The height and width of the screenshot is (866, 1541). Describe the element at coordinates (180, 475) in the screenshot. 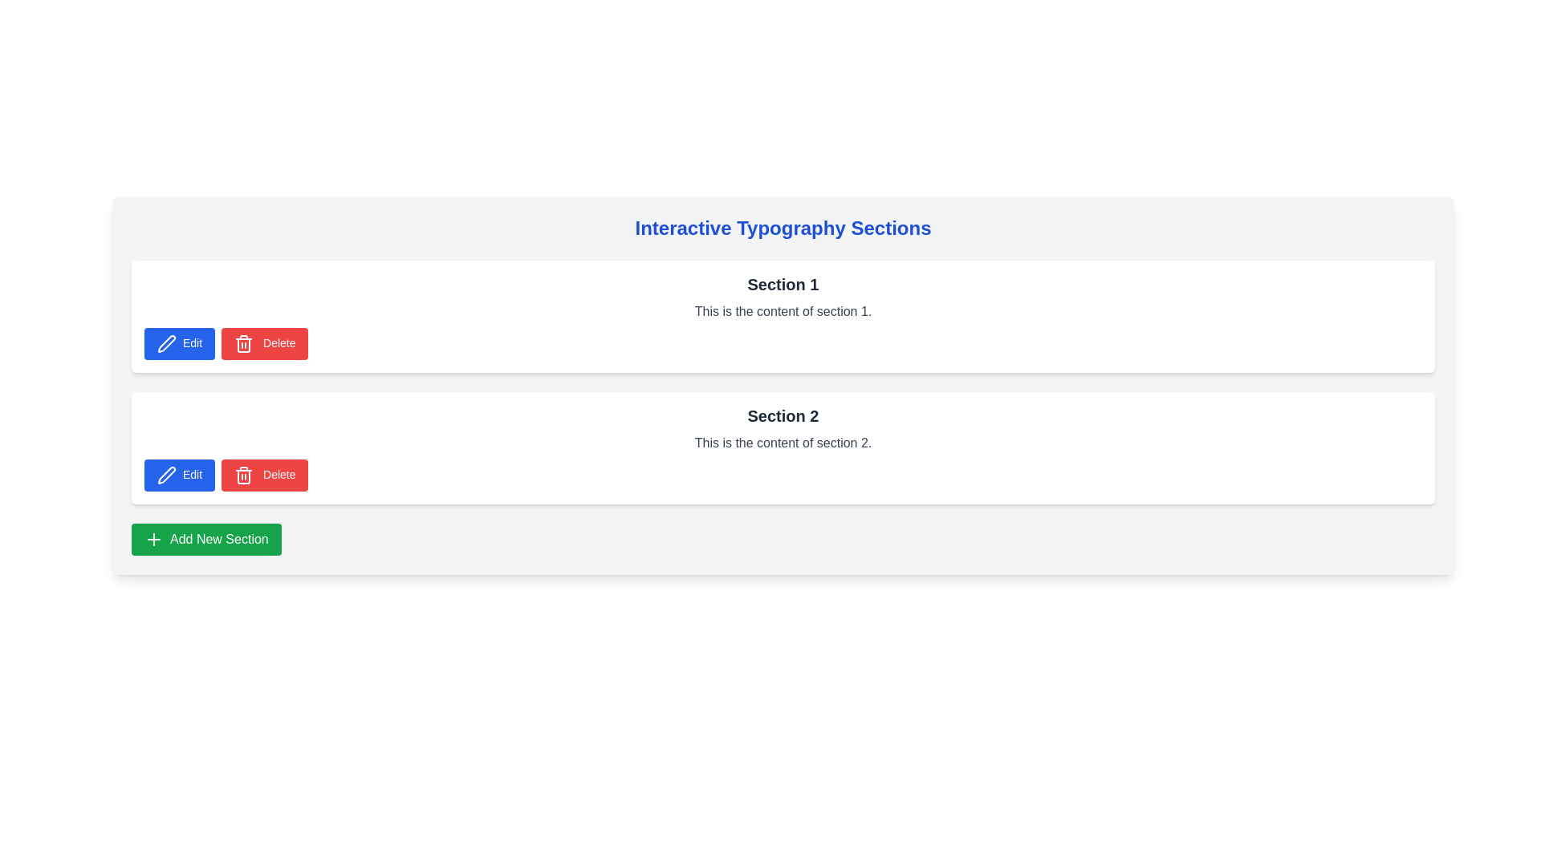

I see `the 'Edit' button located in the 'Section 2' area to observe hover effects` at that location.